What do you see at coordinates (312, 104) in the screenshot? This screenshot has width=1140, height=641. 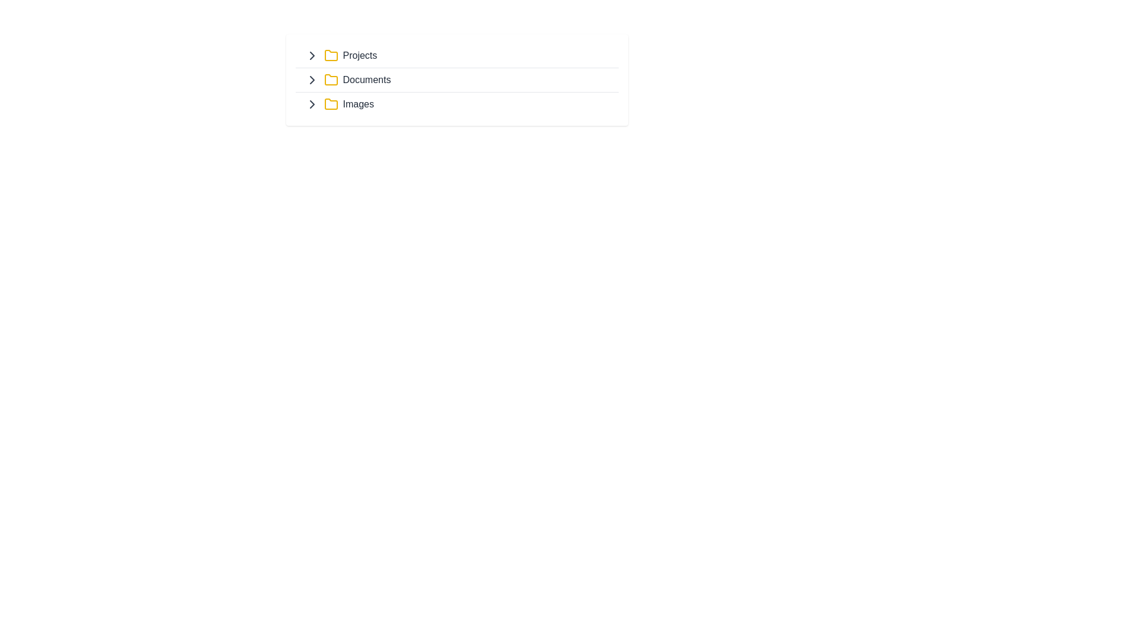 I see `the SVG-based chevron icon next to the 'Images' folder` at bounding box center [312, 104].